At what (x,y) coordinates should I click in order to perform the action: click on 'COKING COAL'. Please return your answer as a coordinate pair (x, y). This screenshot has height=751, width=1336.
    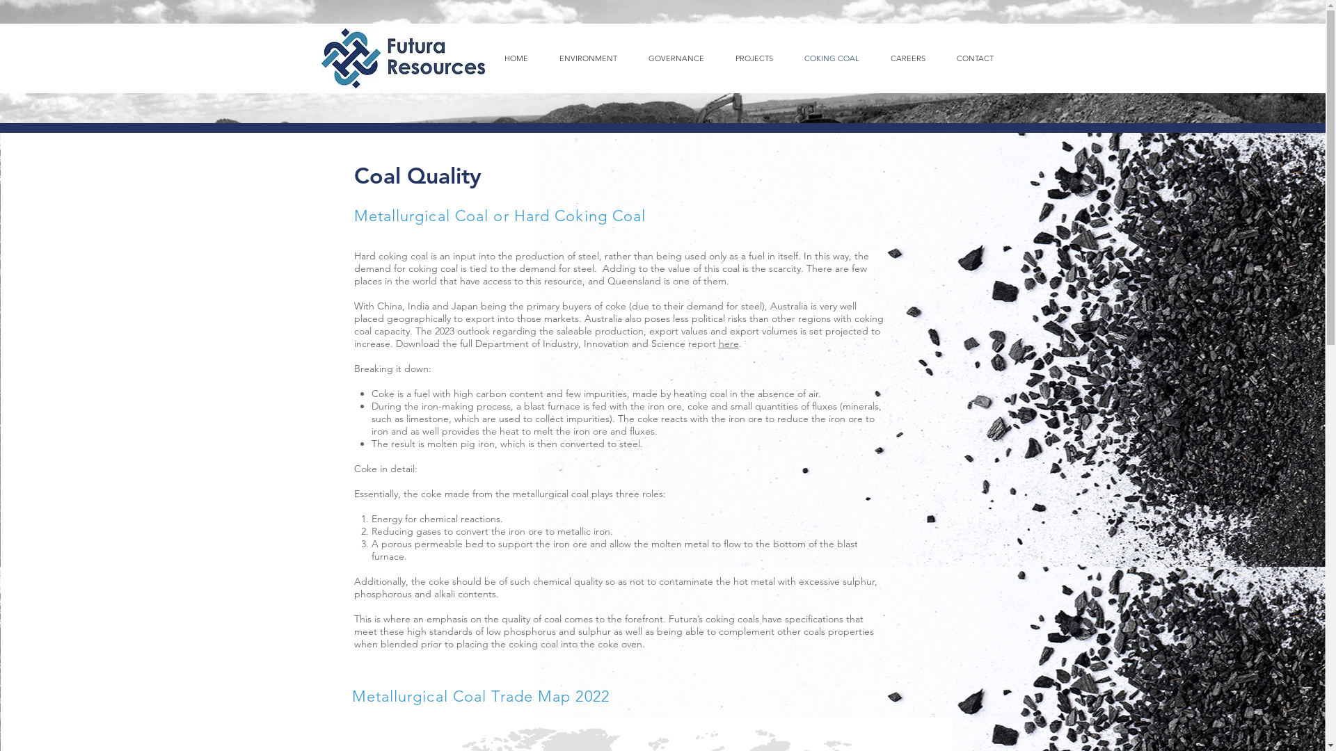
    Looking at the image, I should click on (832, 58).